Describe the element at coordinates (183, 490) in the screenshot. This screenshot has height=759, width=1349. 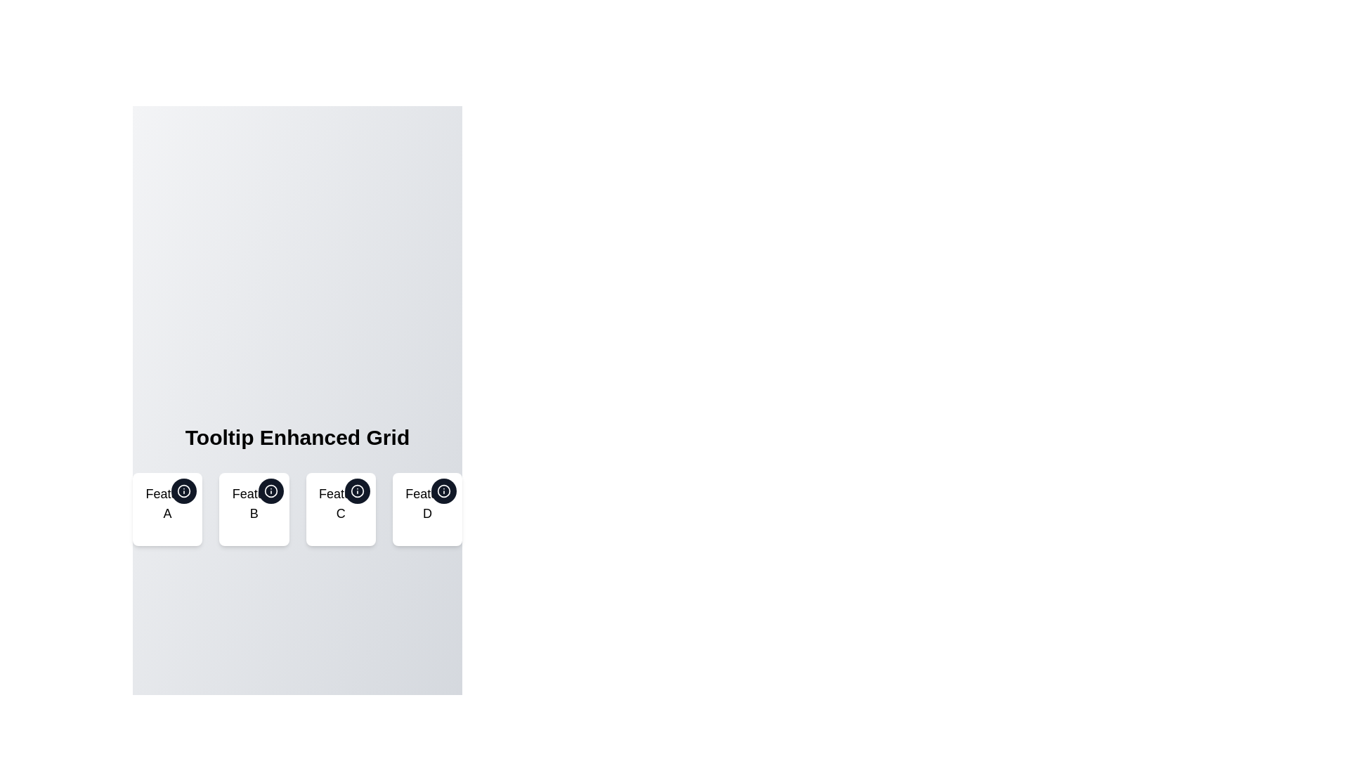
I see `the information icon, which is a circular icon with a dark background and a white border containing a lowercase 'i', associated with 'Feature A'` at that location.